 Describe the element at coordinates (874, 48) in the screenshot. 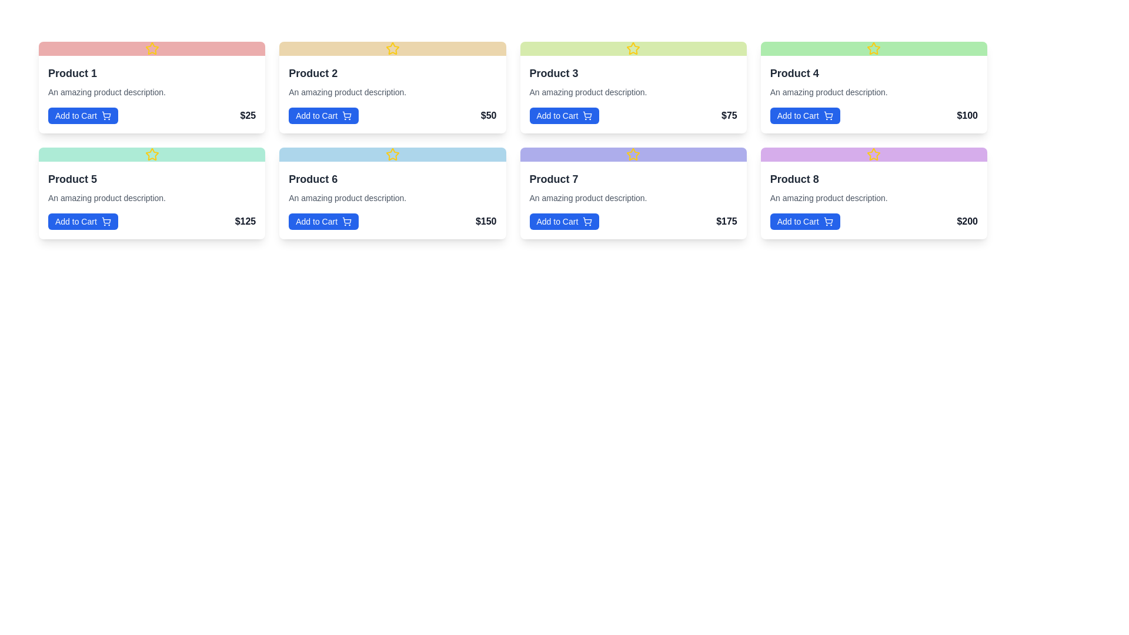

I see `the yellow star icon located at the top of the 'Product 4' card, which is positioned centrally within a green bar, above the product title and description, if it is interactive` at that location.